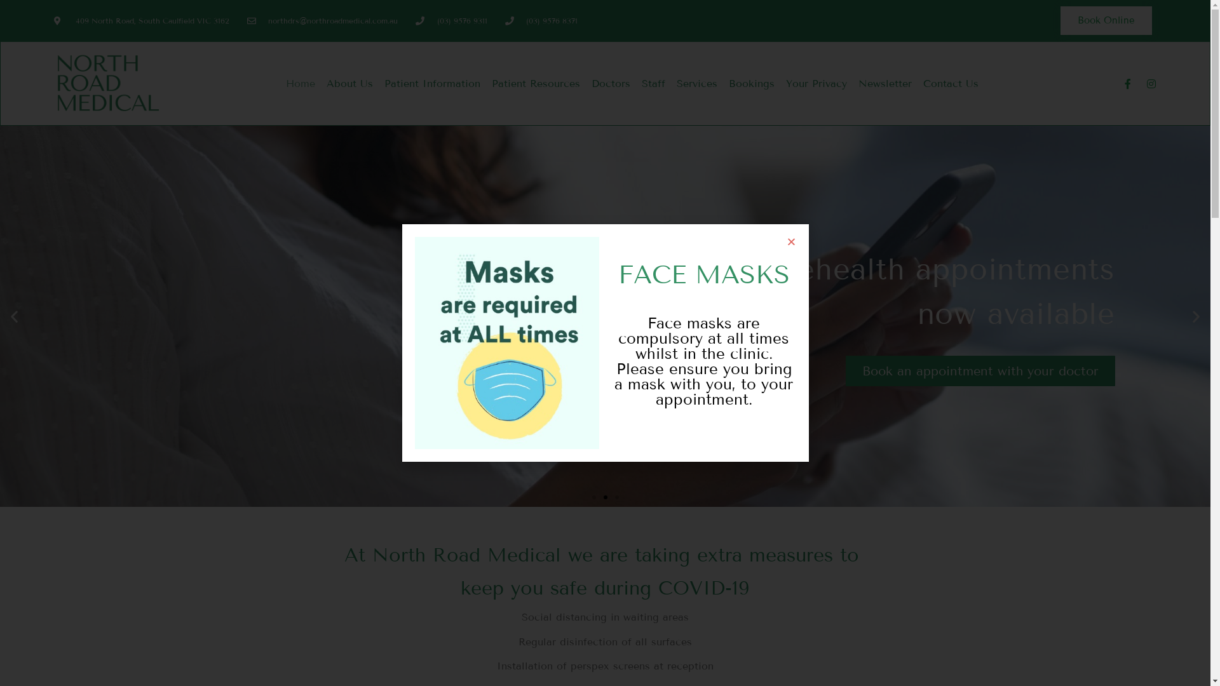 Image resolution: width=1220 pixels, height=686 pixels. I want to click on 'Book Online', so click(1106, 20).